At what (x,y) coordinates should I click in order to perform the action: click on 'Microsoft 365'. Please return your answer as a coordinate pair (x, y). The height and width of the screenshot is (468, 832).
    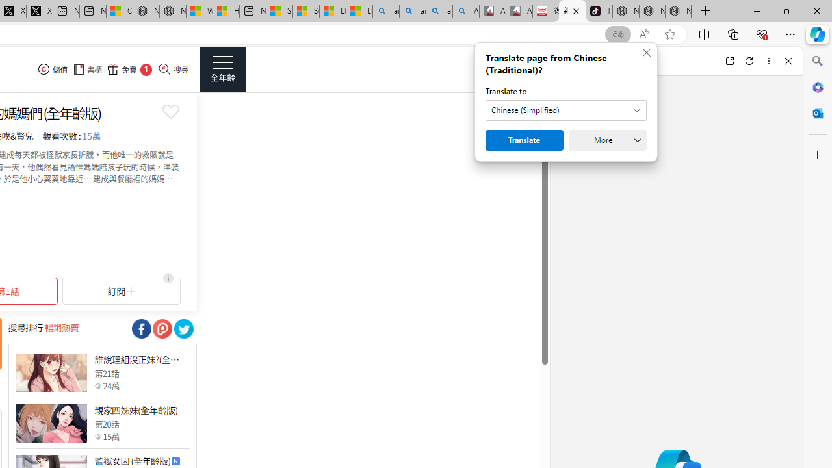
    Looking at the image, I should click on (817, 86).